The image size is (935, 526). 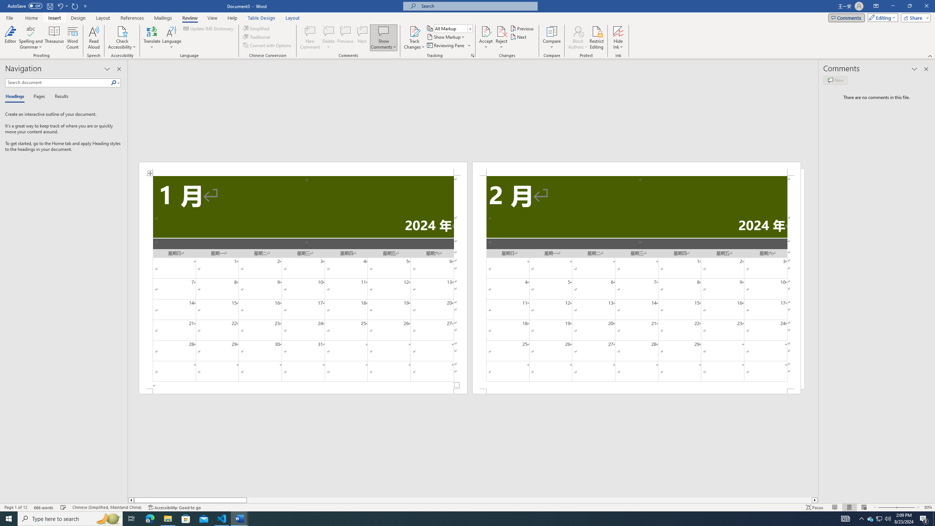 I want to click on 'Show Comments', so click(x=383, y=38).